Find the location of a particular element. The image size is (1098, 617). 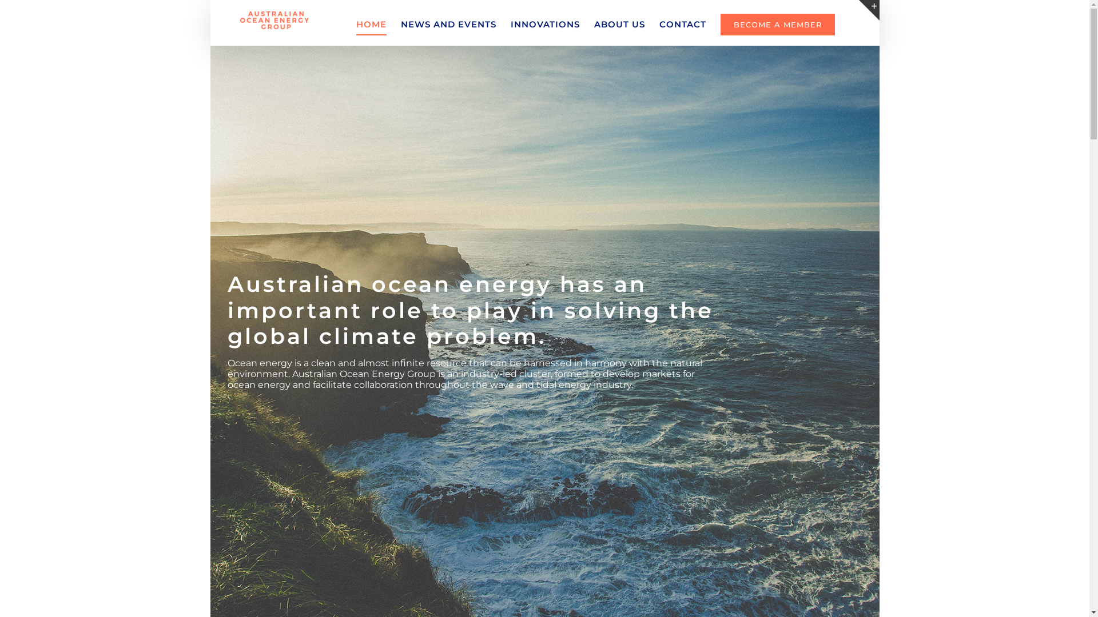

'HOME' is located at coordinates (371, 24).